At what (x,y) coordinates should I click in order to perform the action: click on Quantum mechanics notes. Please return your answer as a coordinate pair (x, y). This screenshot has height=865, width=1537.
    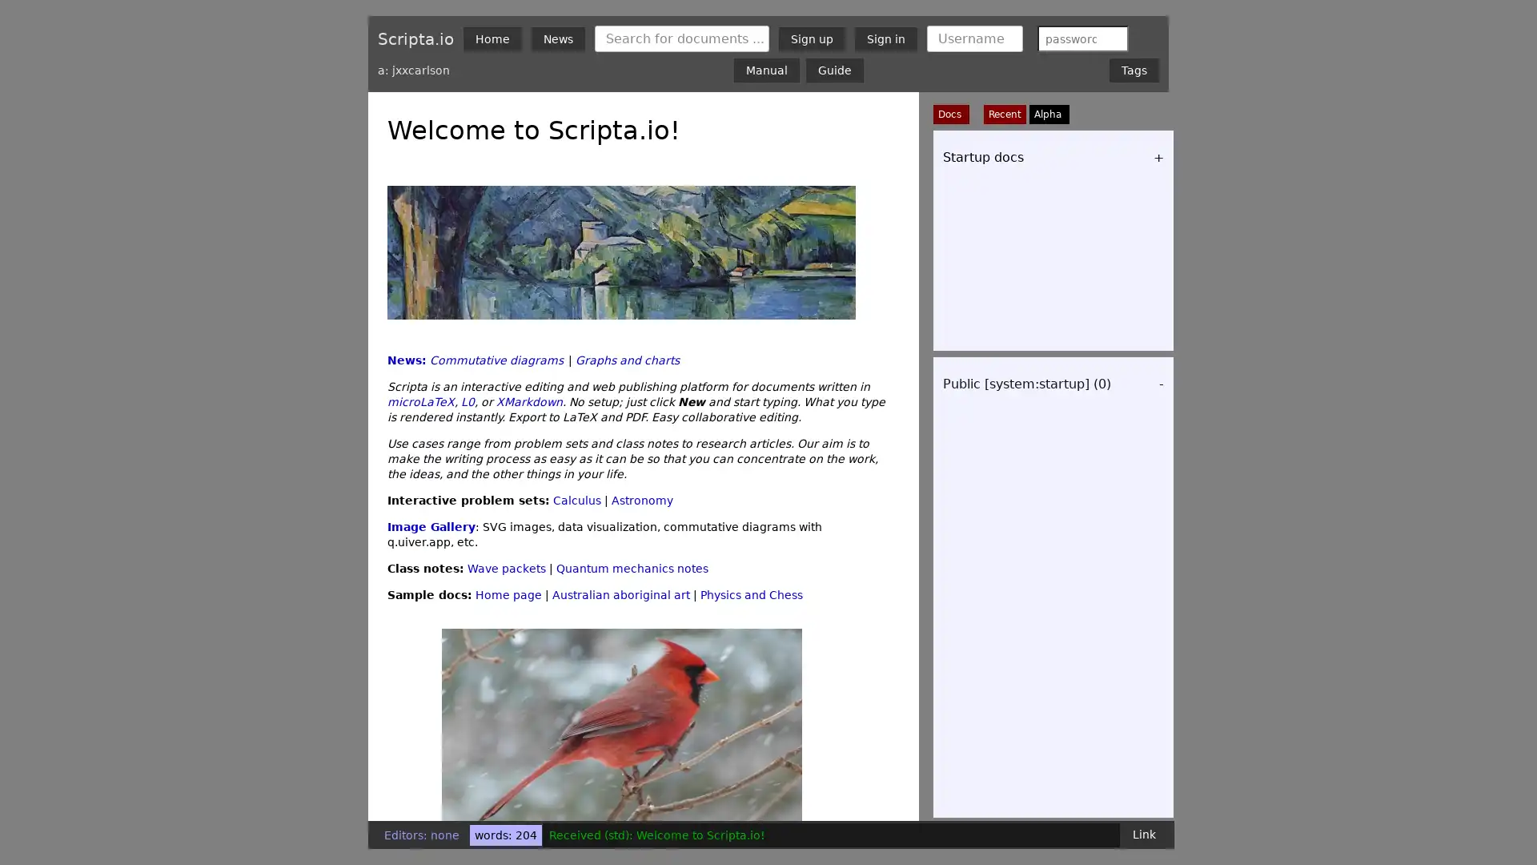
    Looking at the image, I should click on (632, 567).